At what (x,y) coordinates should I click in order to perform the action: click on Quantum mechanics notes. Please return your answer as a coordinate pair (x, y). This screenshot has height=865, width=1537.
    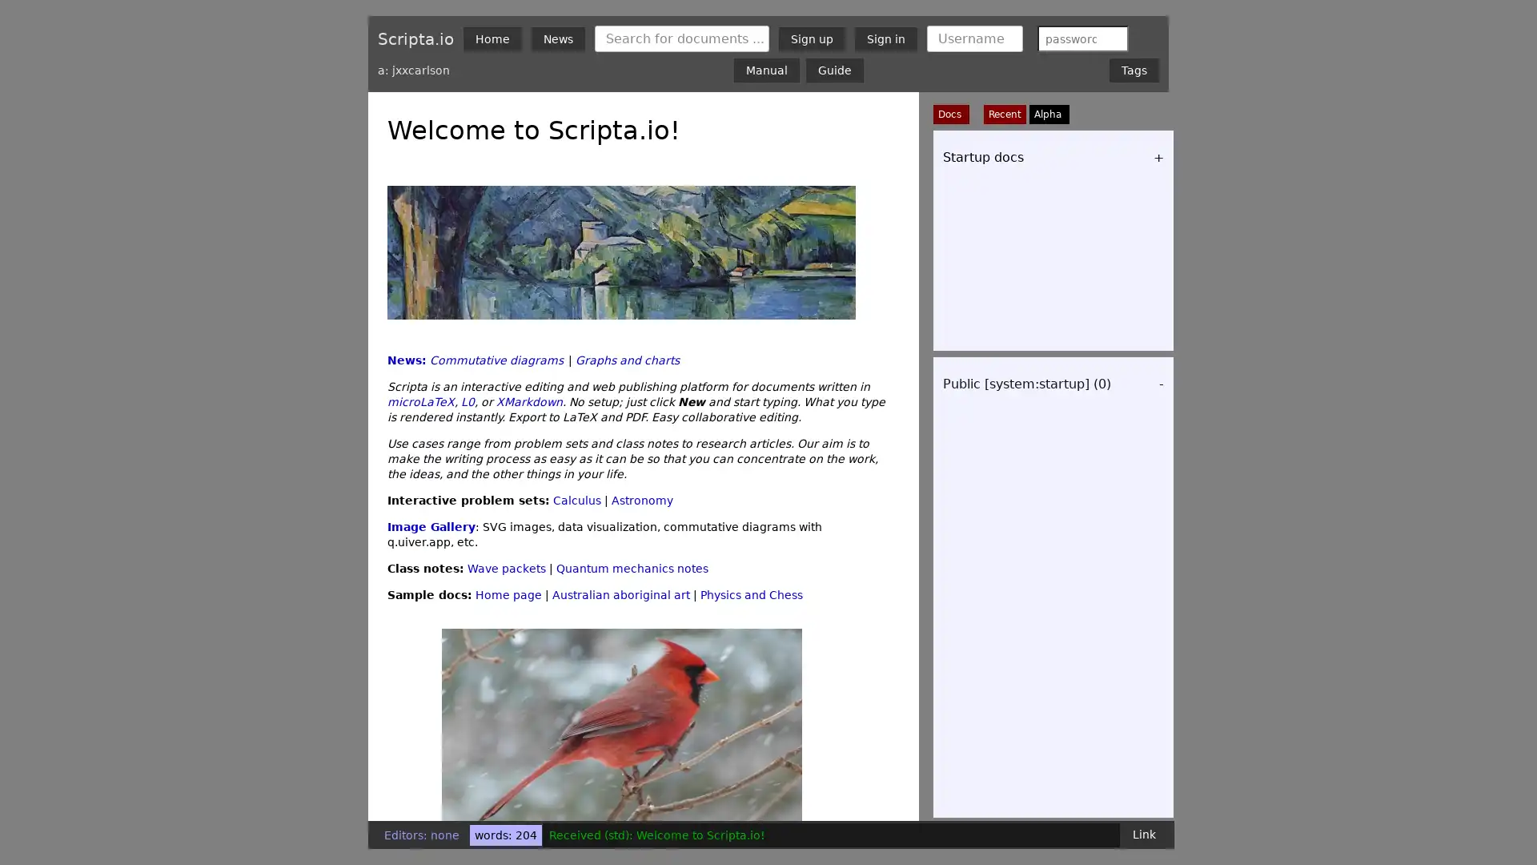
    Looking at the image, I should click on (632, 567).